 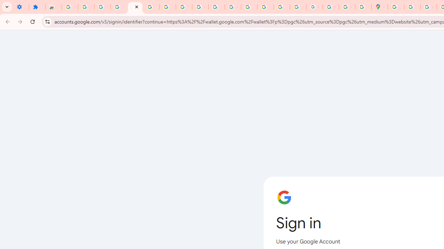 What do you see at coordinates (249, 7) in the screenshot?
I see `'Privacy Help Center - Policies Help'` at bounding box center [249, 7].